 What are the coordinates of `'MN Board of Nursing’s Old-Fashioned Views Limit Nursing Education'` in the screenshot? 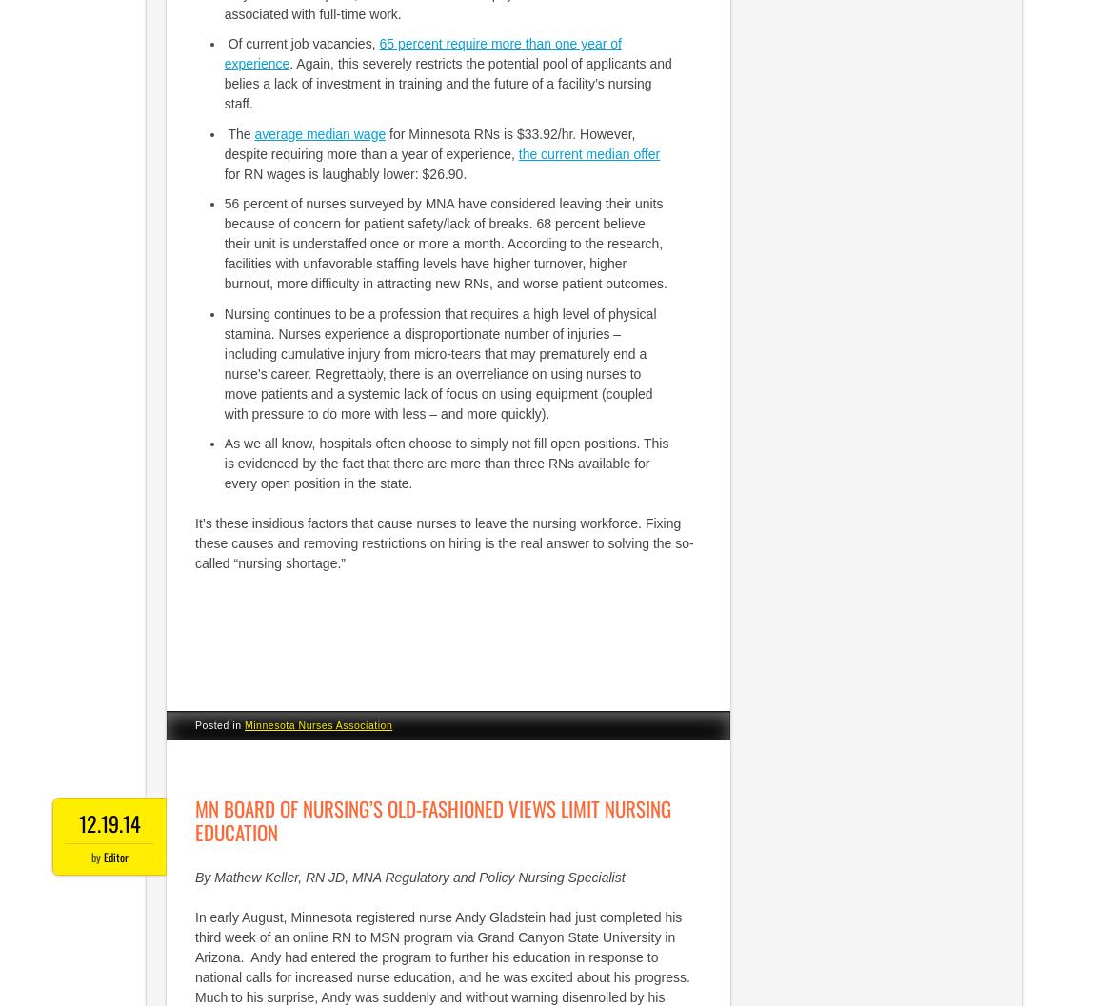 It's located at (433, 819).